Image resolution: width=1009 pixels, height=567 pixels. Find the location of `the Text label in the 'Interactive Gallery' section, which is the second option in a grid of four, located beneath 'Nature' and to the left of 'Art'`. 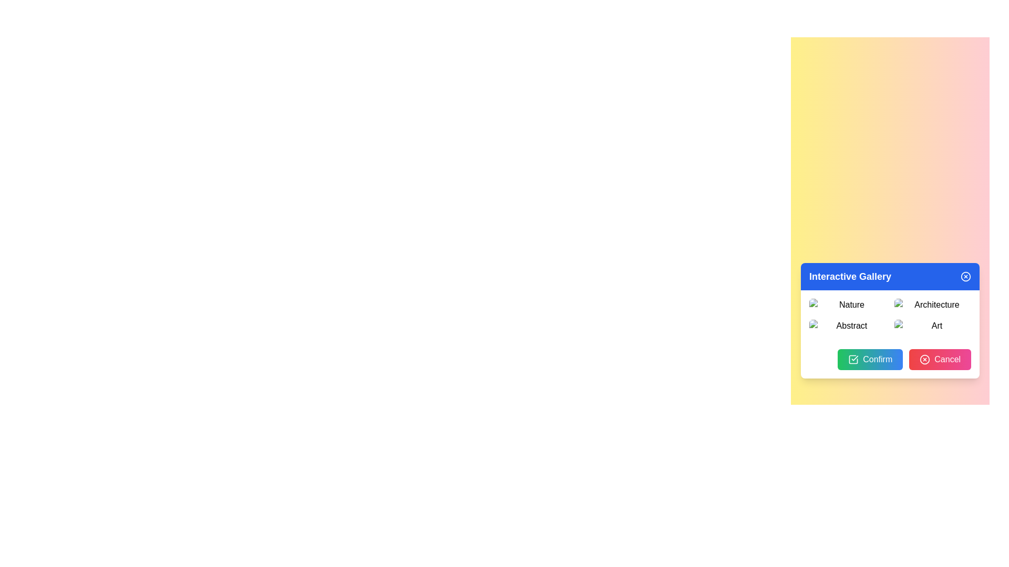

the Text label in the 'Interactive Gallery' section, which is the second option in a grid of four, located beneath 'Nature' and to the left of 'Art' is located at coordinates (847, 325).